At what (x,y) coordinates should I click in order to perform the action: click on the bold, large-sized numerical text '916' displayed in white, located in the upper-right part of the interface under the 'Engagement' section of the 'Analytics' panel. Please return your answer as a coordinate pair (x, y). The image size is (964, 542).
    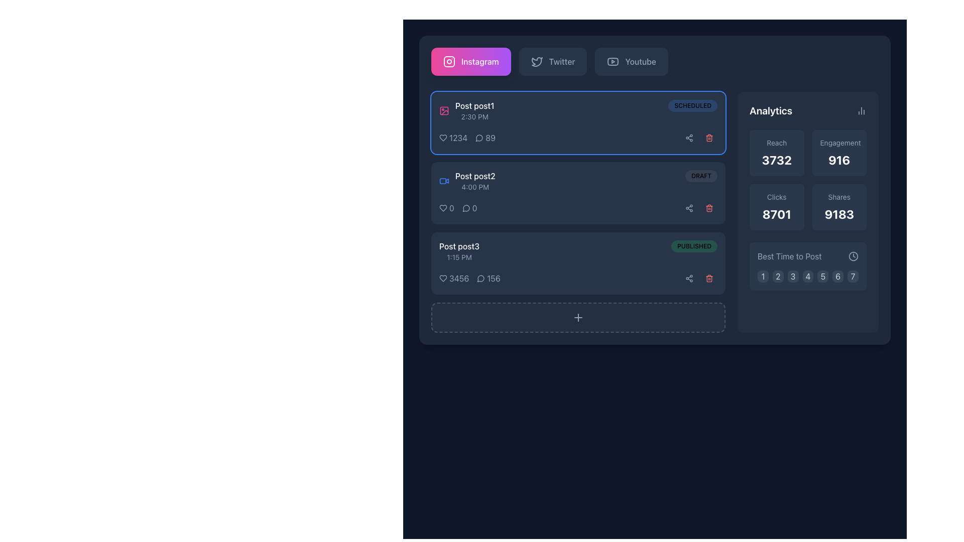
    Looking at the image, I should click on (839, 160).